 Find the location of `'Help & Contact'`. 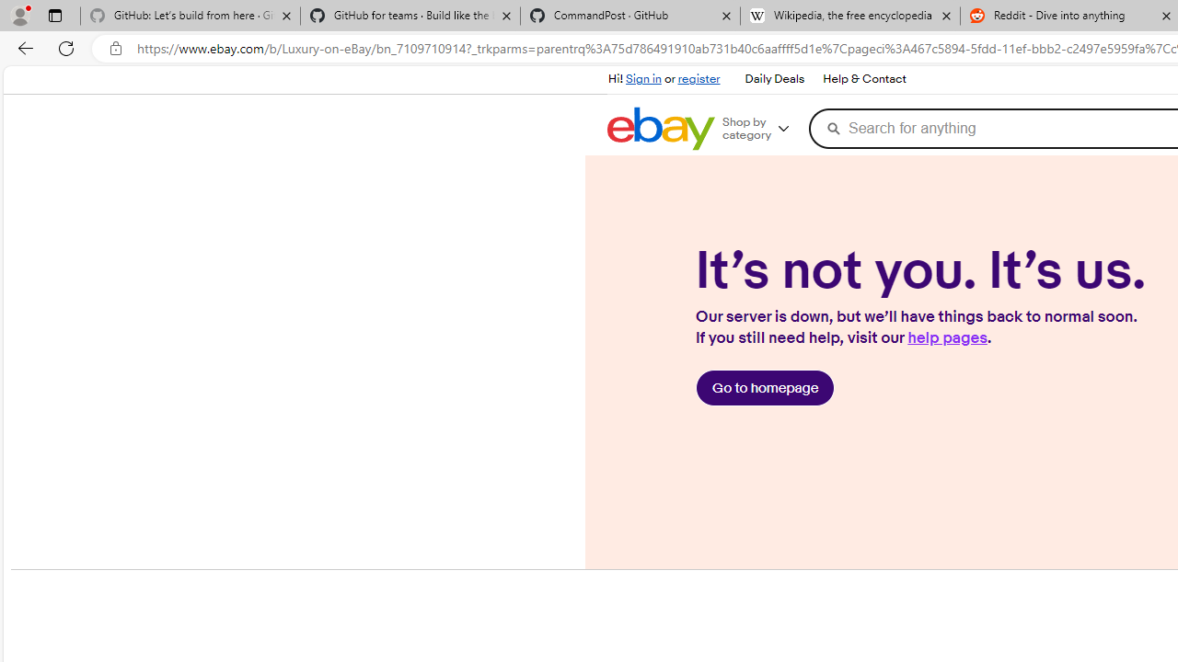

'Help & Contact' is located at coordinates (863, 79).